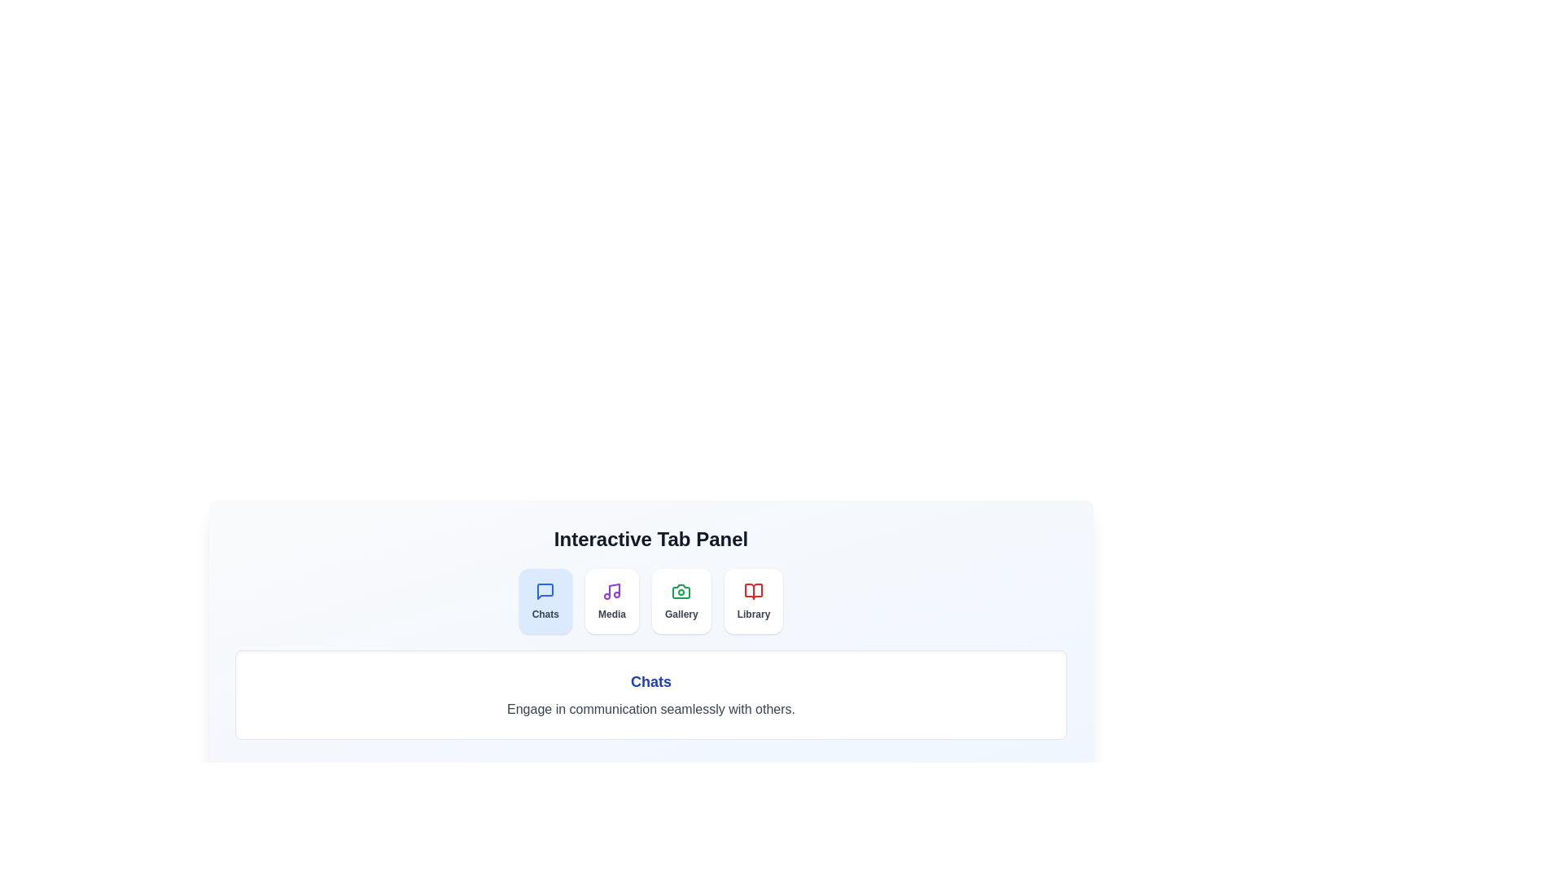 Image resolution: width=1563 pixels, height=879 pixels. I want to click on the tab Media, so click(611, 601).